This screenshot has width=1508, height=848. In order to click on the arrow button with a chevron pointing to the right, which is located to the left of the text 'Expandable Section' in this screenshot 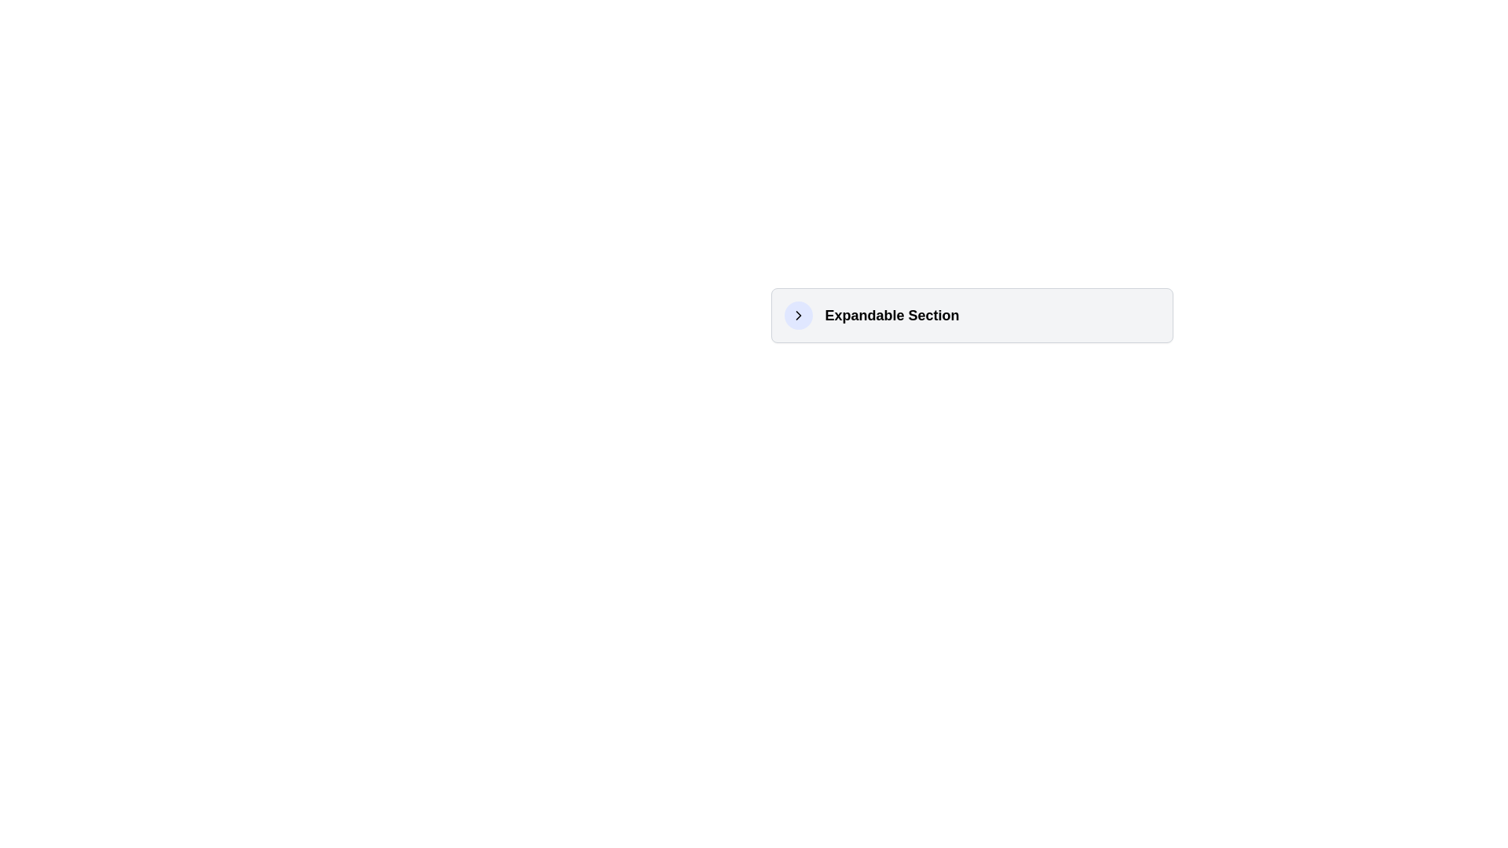, I will do `click(798, 315)`.